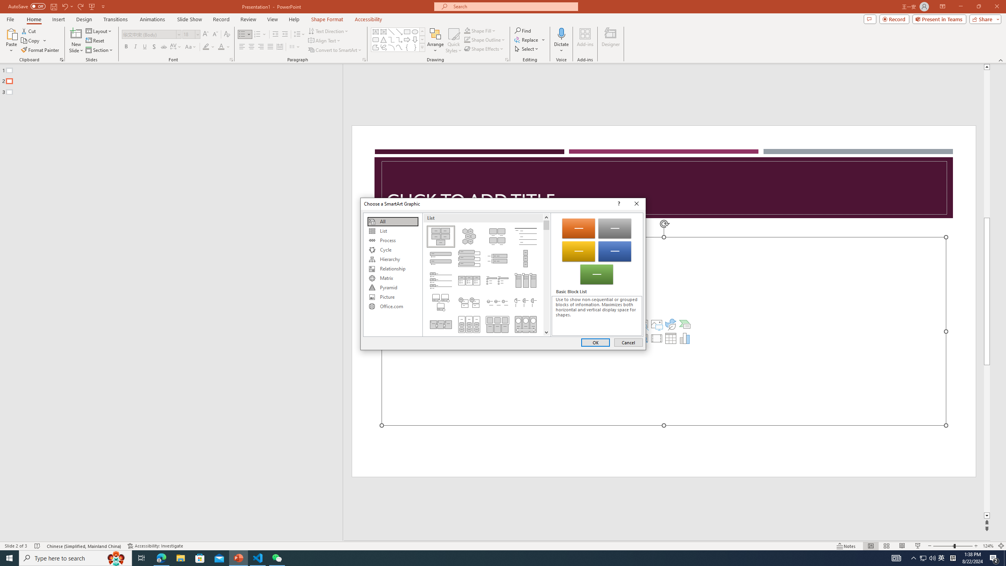 The image size is (1006, 566). I want to click on 'Continuous Picture List', so click(525, 324).